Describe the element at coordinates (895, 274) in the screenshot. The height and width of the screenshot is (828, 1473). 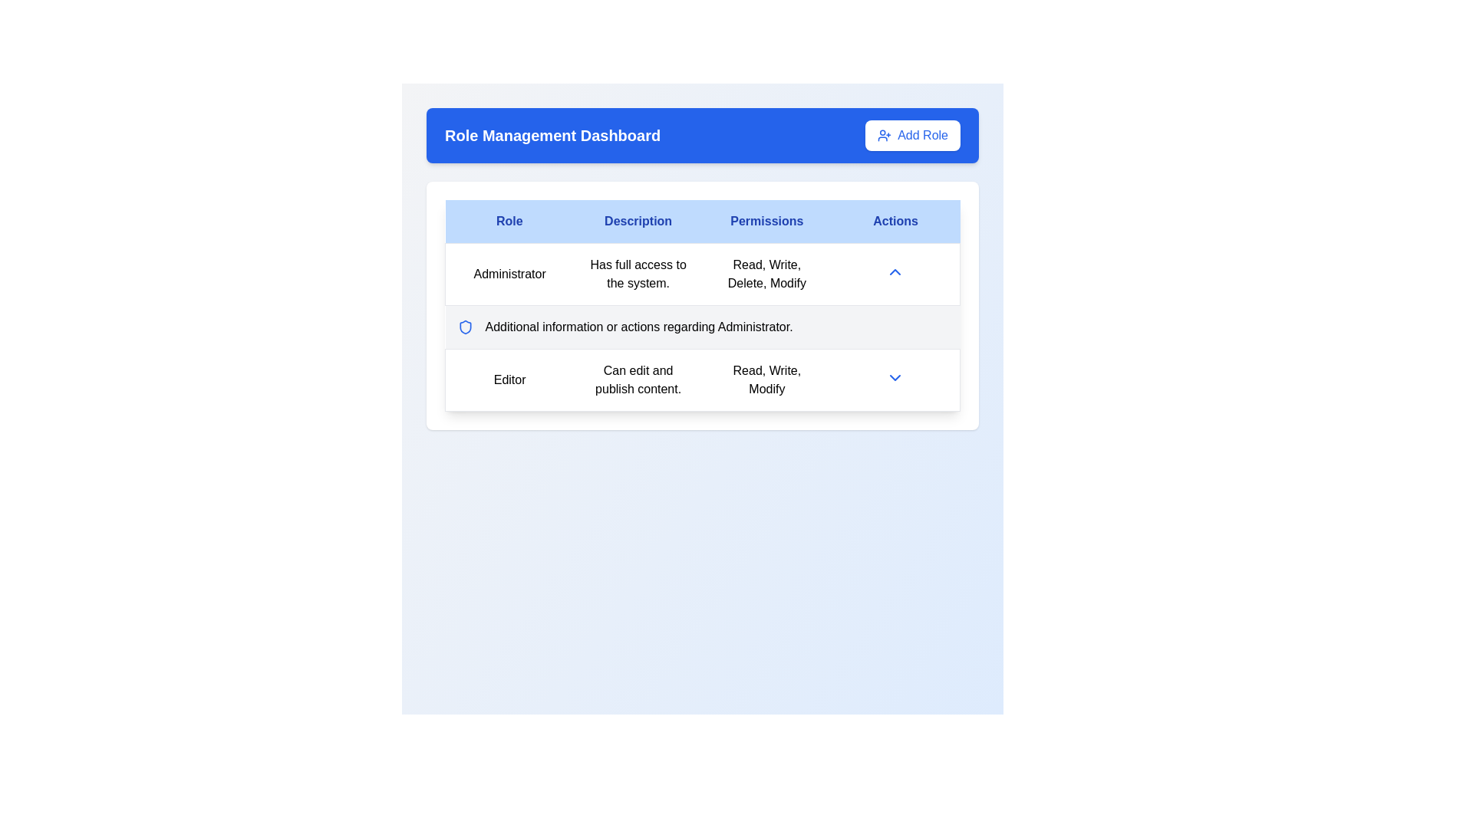
I see `the blue-filled upward arrow toggle indicator located in the 'Actions' column of the first data row for the 'Administrator' role to open the context menu` at that location.